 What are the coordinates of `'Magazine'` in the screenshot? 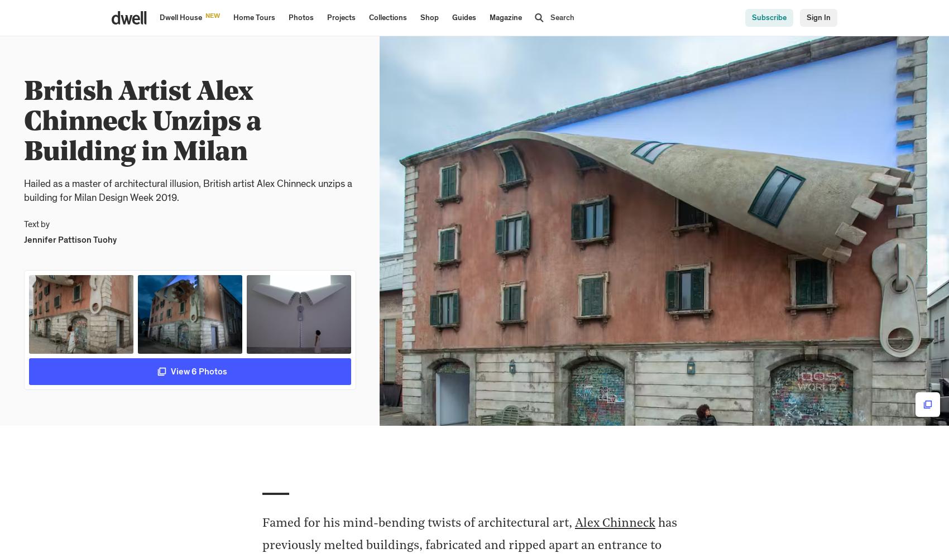 It's located at (505, 17).